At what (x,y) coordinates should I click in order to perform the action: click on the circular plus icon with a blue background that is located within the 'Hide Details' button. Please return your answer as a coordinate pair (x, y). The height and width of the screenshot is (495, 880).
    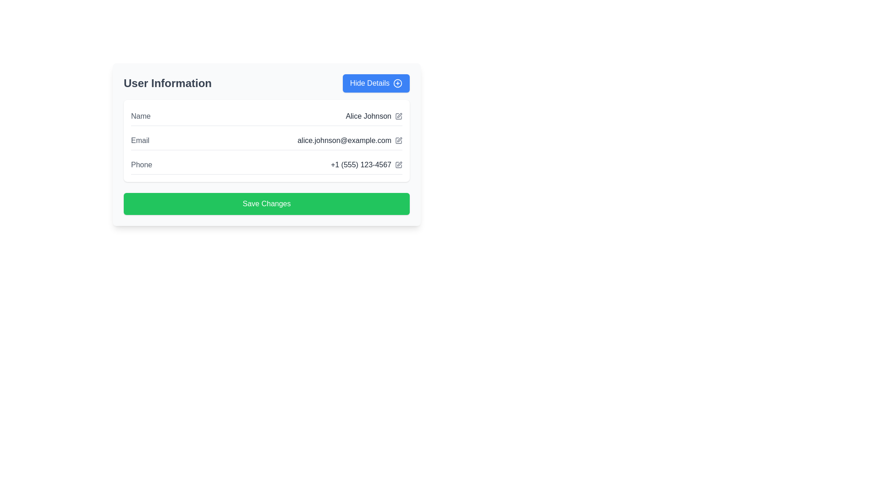
    Looking at the image, I should click on (398, 83).